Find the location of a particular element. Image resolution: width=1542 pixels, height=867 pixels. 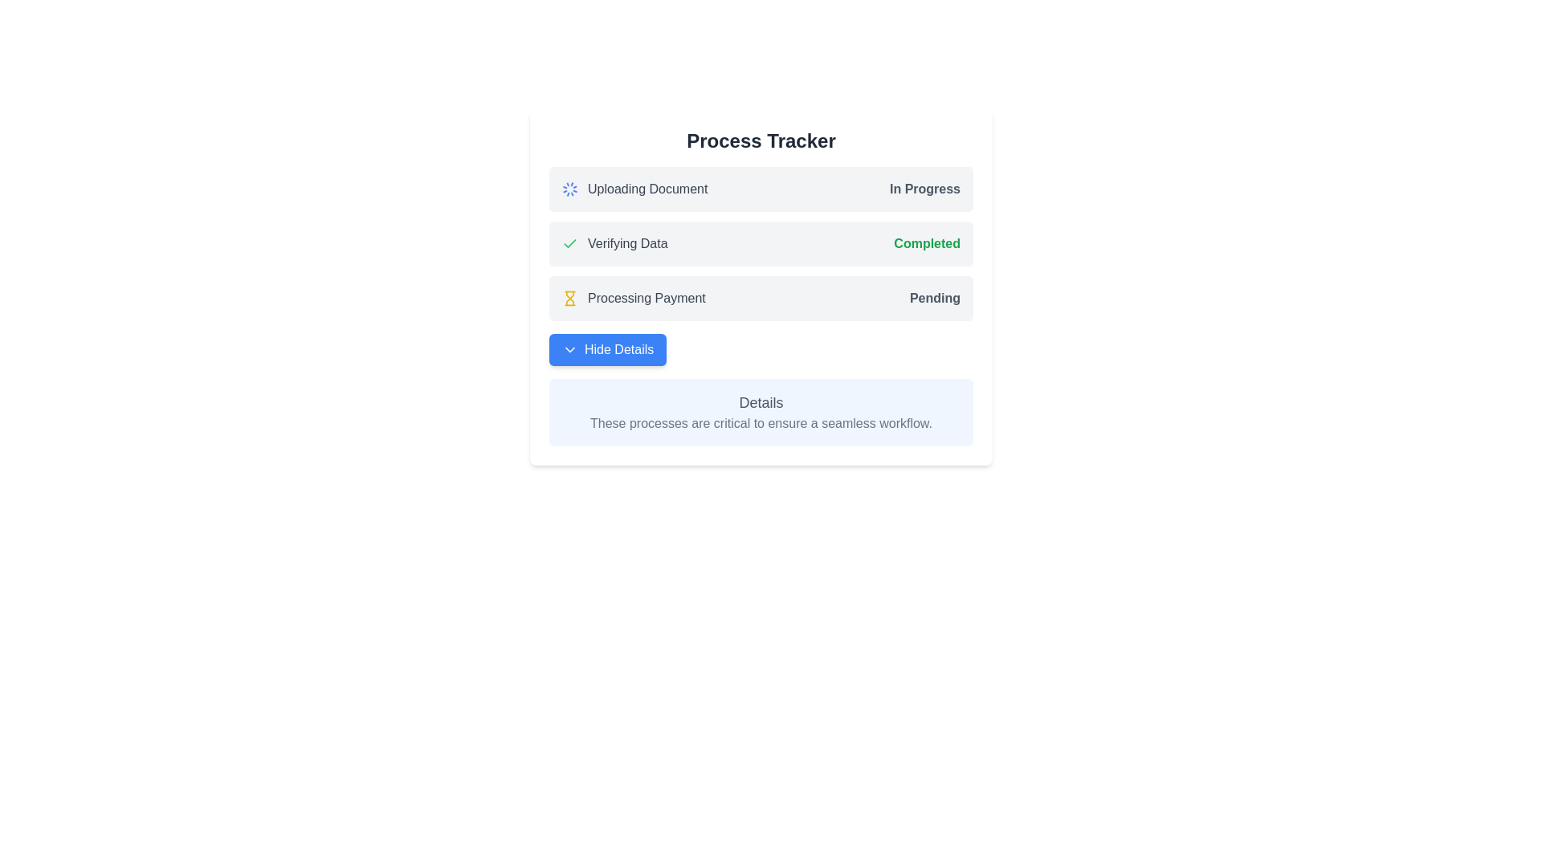

the Status indicator with progress information displaying 'Uploading Document' and 'In Progress' in the Process Tracker interface is located at coordinates (761, 188).